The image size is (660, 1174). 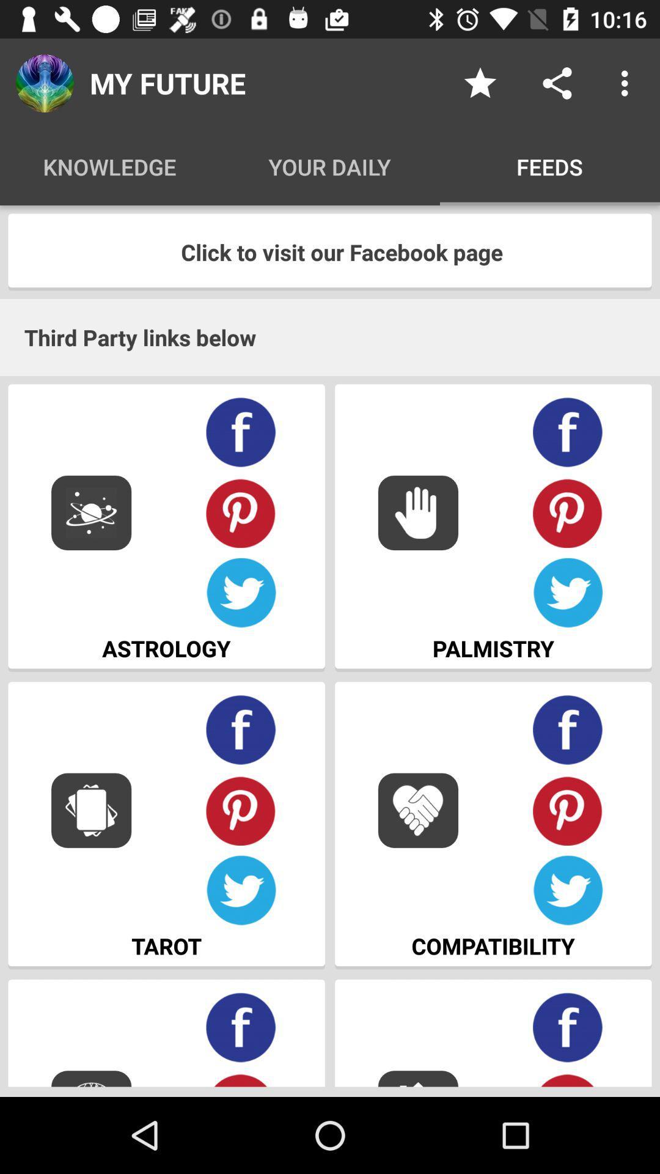 What do you see at coordinates (241, 432) in the screenshot?
I see `share your astrology to facebook` at bounding box center [241, 432].